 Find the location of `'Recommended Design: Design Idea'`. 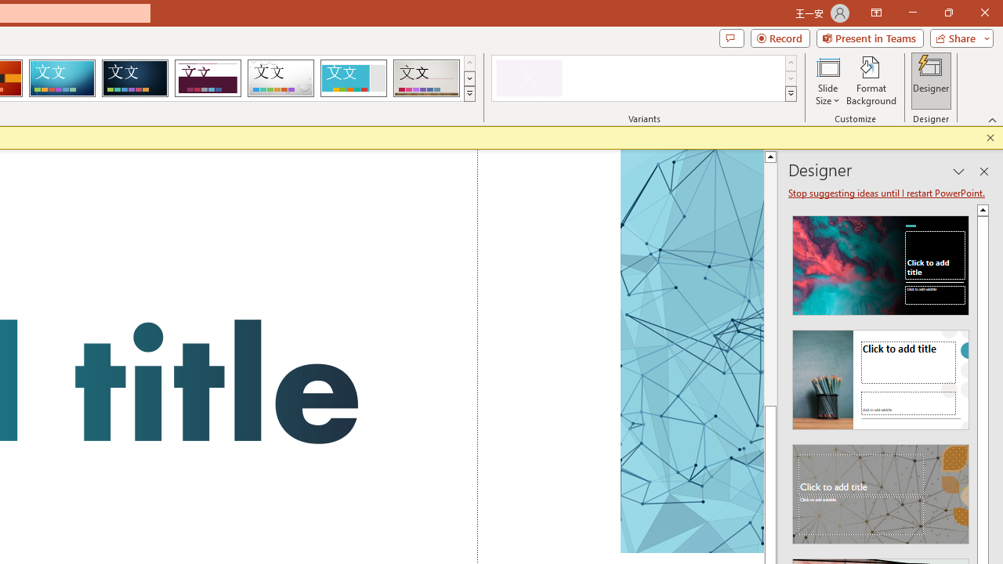

'Recommended Design: Design Idea' is located at coordinates (881, 260).